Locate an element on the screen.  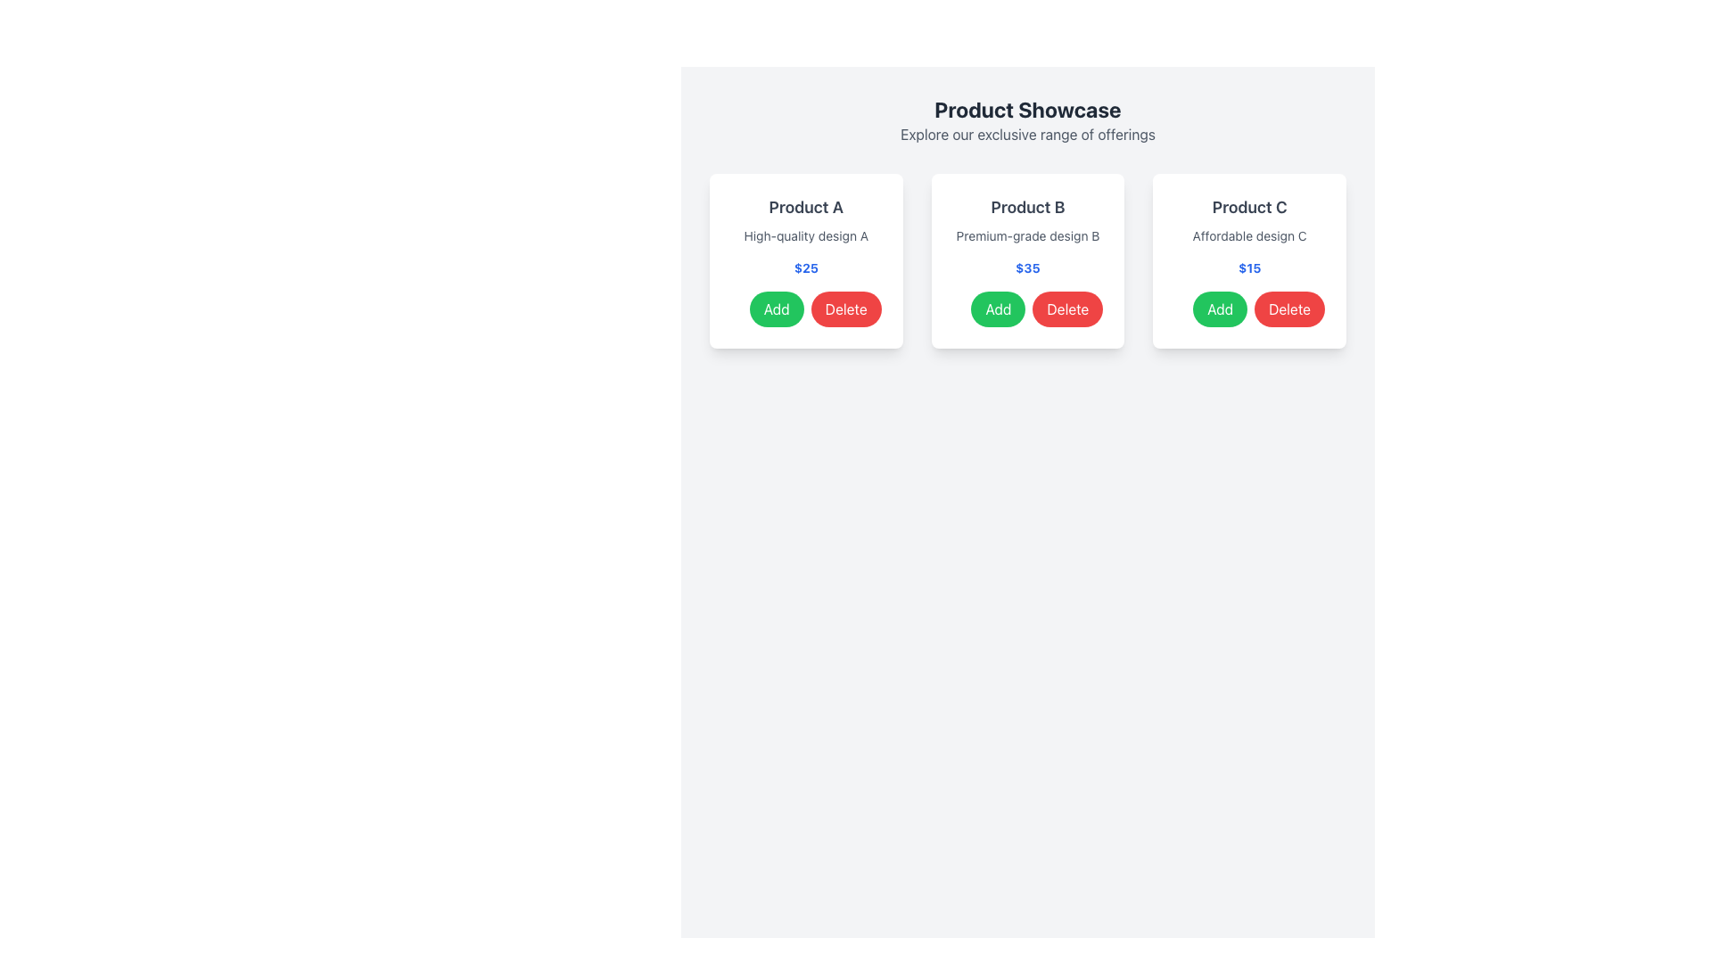
the red 'Delete' button with white text, which is located to the right of the green 'Add' button within the 'Product A' card is located at coordinates (845, 309).